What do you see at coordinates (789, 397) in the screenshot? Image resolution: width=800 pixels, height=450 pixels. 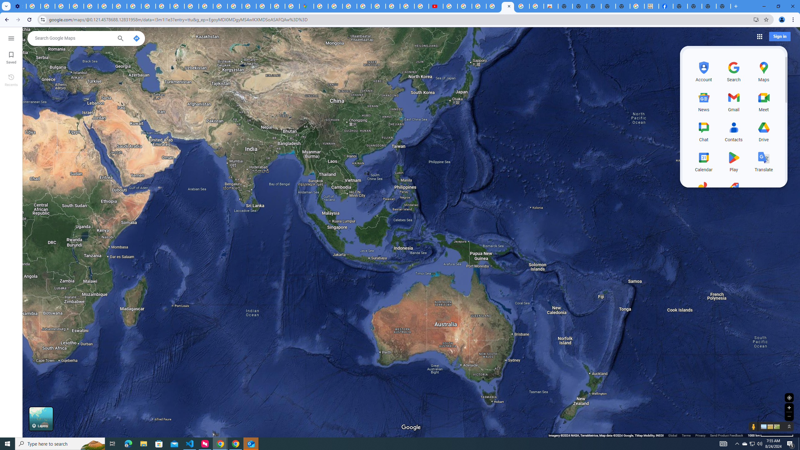 I see `'Show Your Location'` at bounding box center [789, 397].